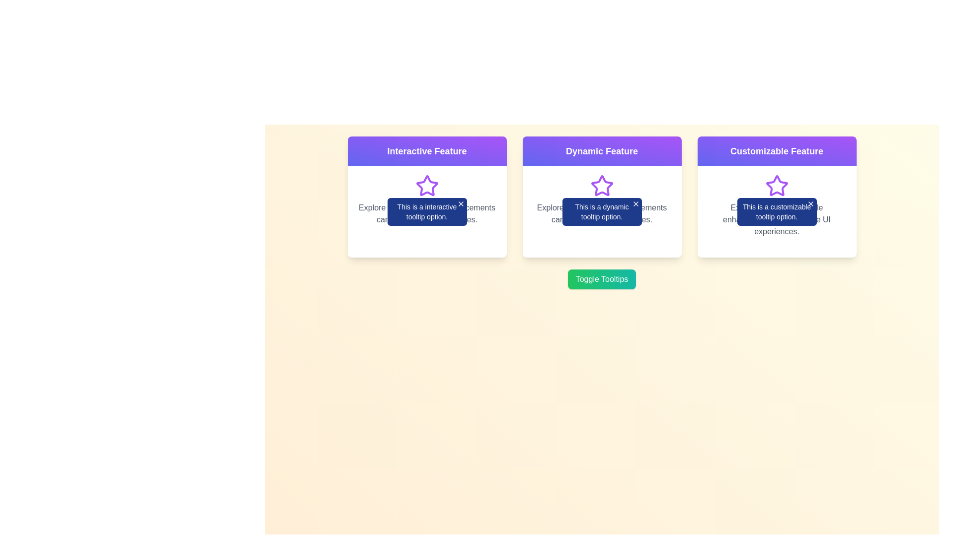 Image resolution: width=954 pixels, height=536 pixels. Describe the element at coordinates (776, 186) in the screenshot. I see `the star-shaped icon filled with a gradient purple color located in the top center of the third card labeled 'Customizable Feature'` at that location.